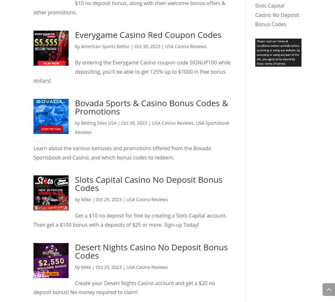 Image resolution: width=335 pixels, height=302 pixels. What do you see at coordinates (124, 287) in the screenshot?
I see `'Create your Desert Nights Casino account and get a $20 no deposit bonus! No money required to claim!'` at bounding box center [124, 287].